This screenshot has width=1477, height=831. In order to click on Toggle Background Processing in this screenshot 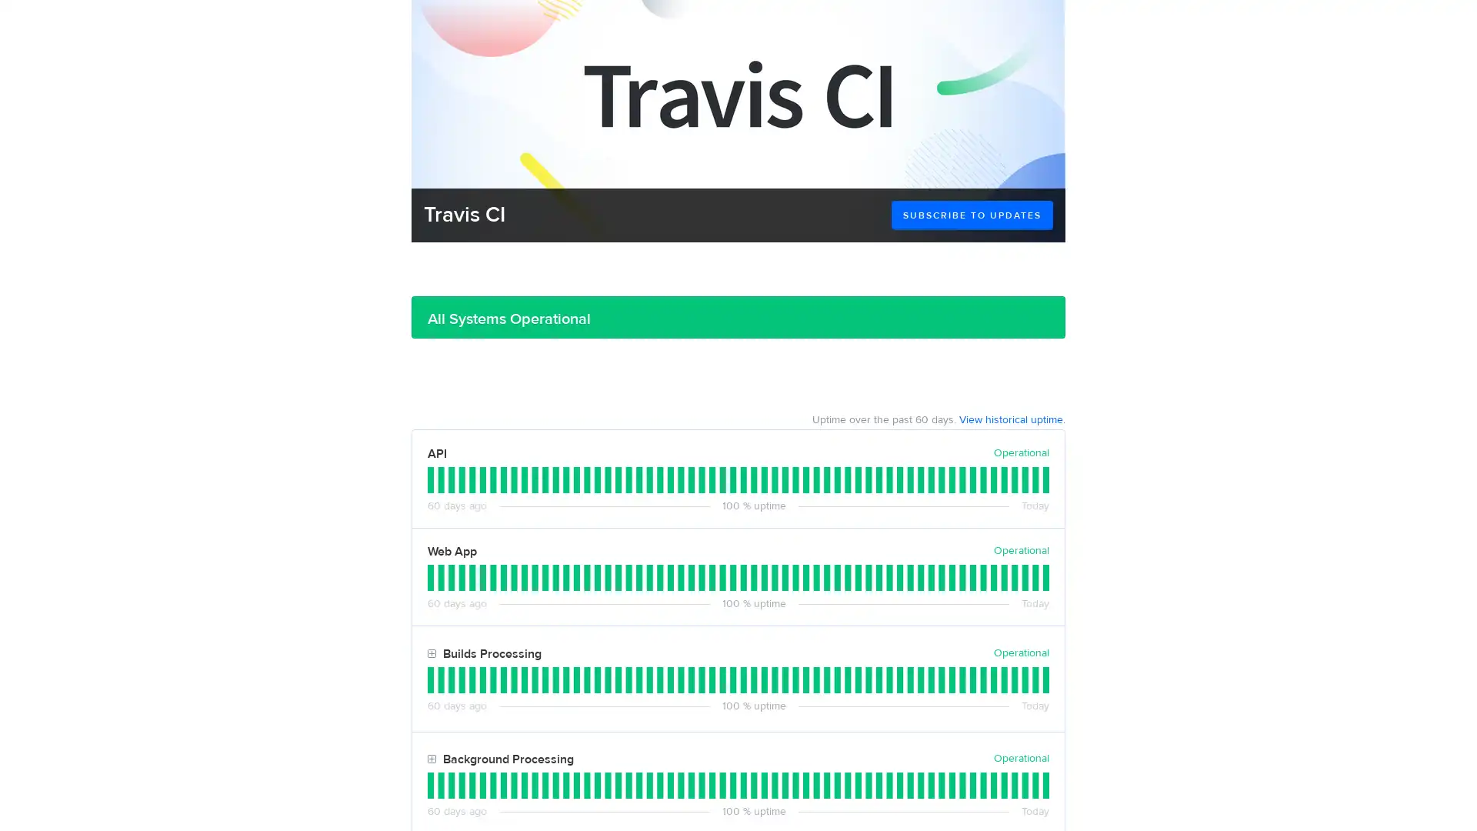, I will do `click(431, 759)`.